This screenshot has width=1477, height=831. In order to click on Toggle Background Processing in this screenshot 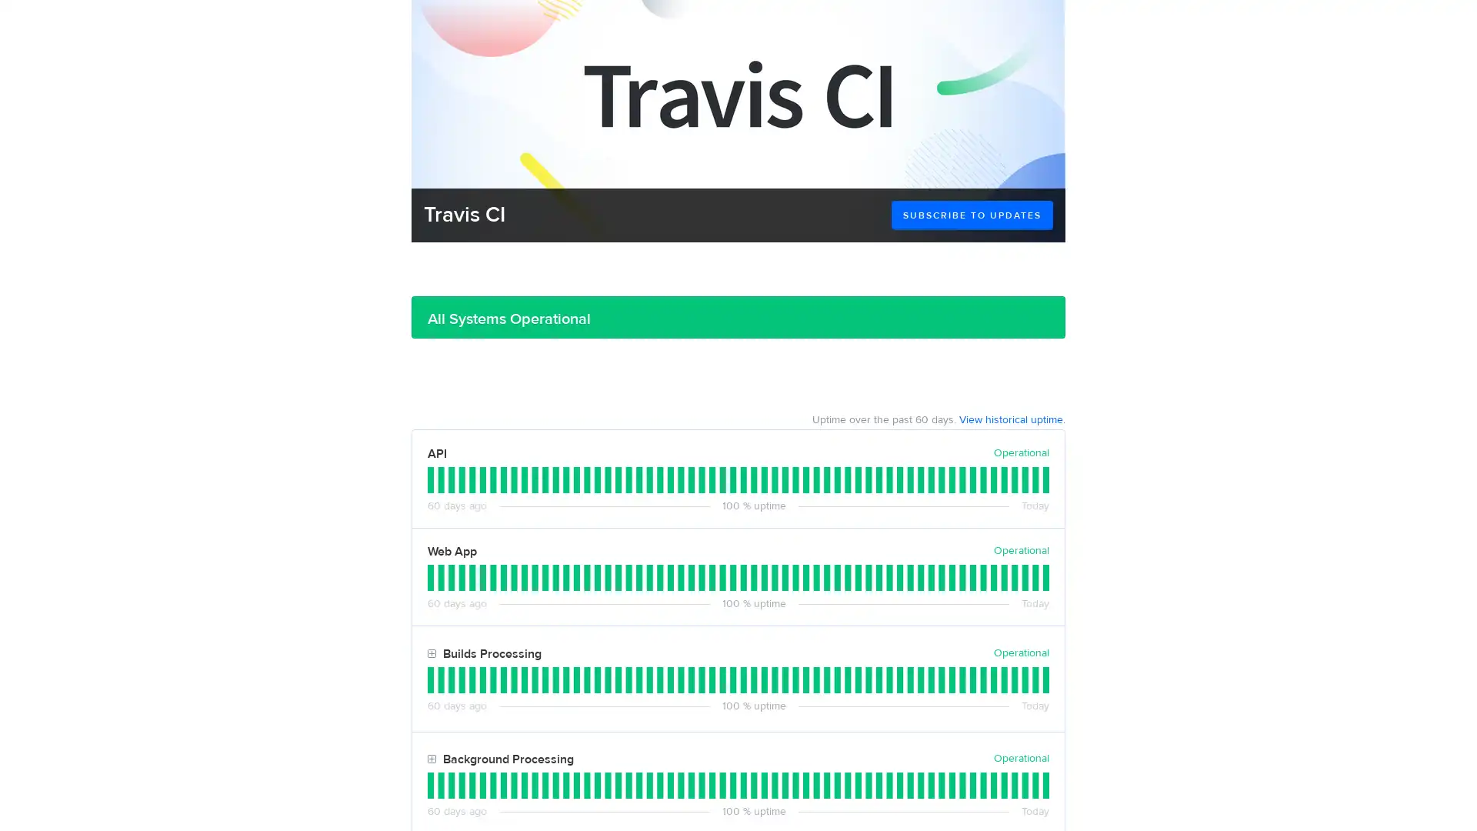, I will do `click(431, 759)`.